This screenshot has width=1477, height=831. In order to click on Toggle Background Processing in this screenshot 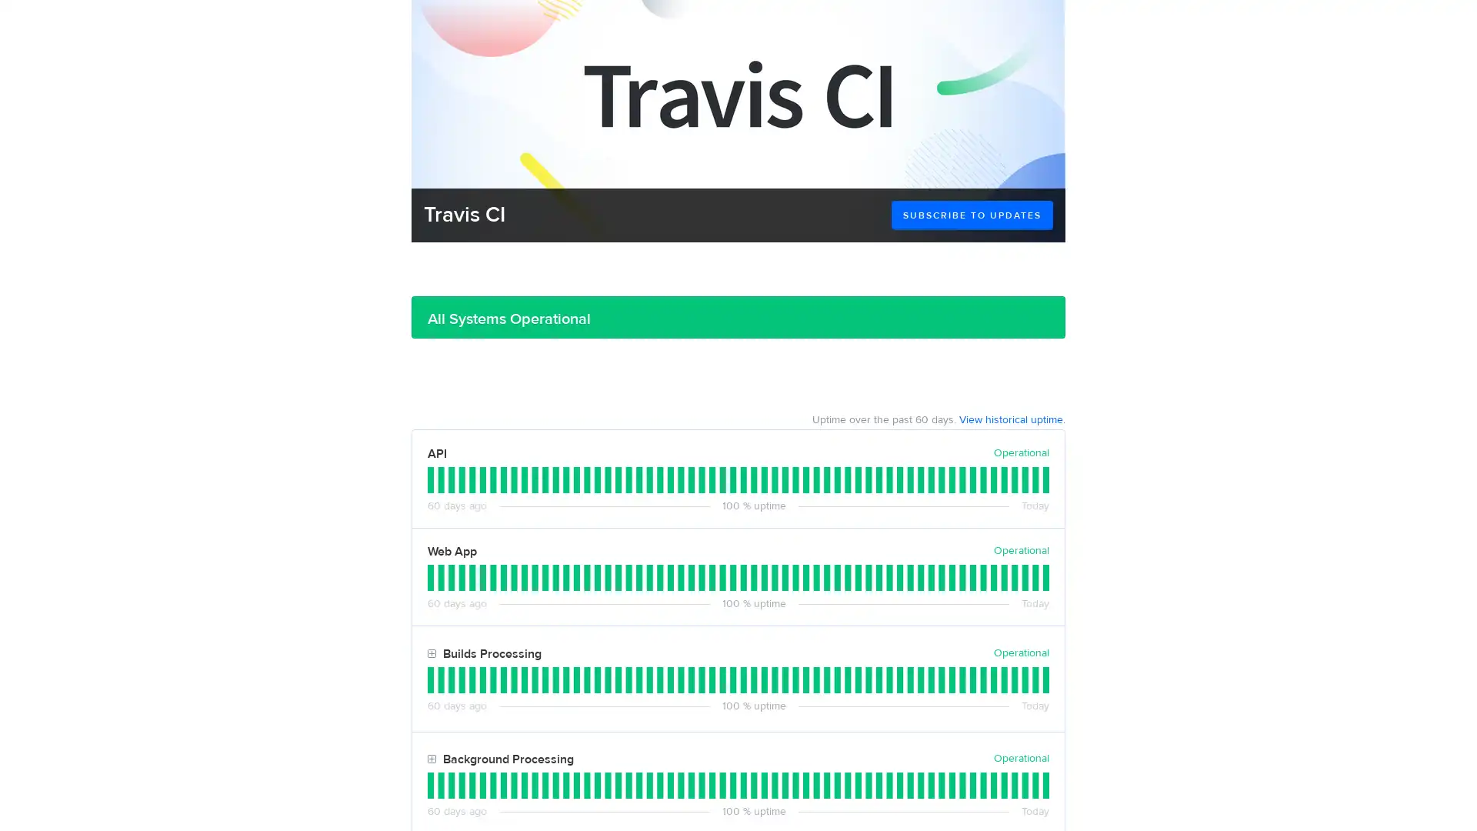, I will do `click(431, 759)`.